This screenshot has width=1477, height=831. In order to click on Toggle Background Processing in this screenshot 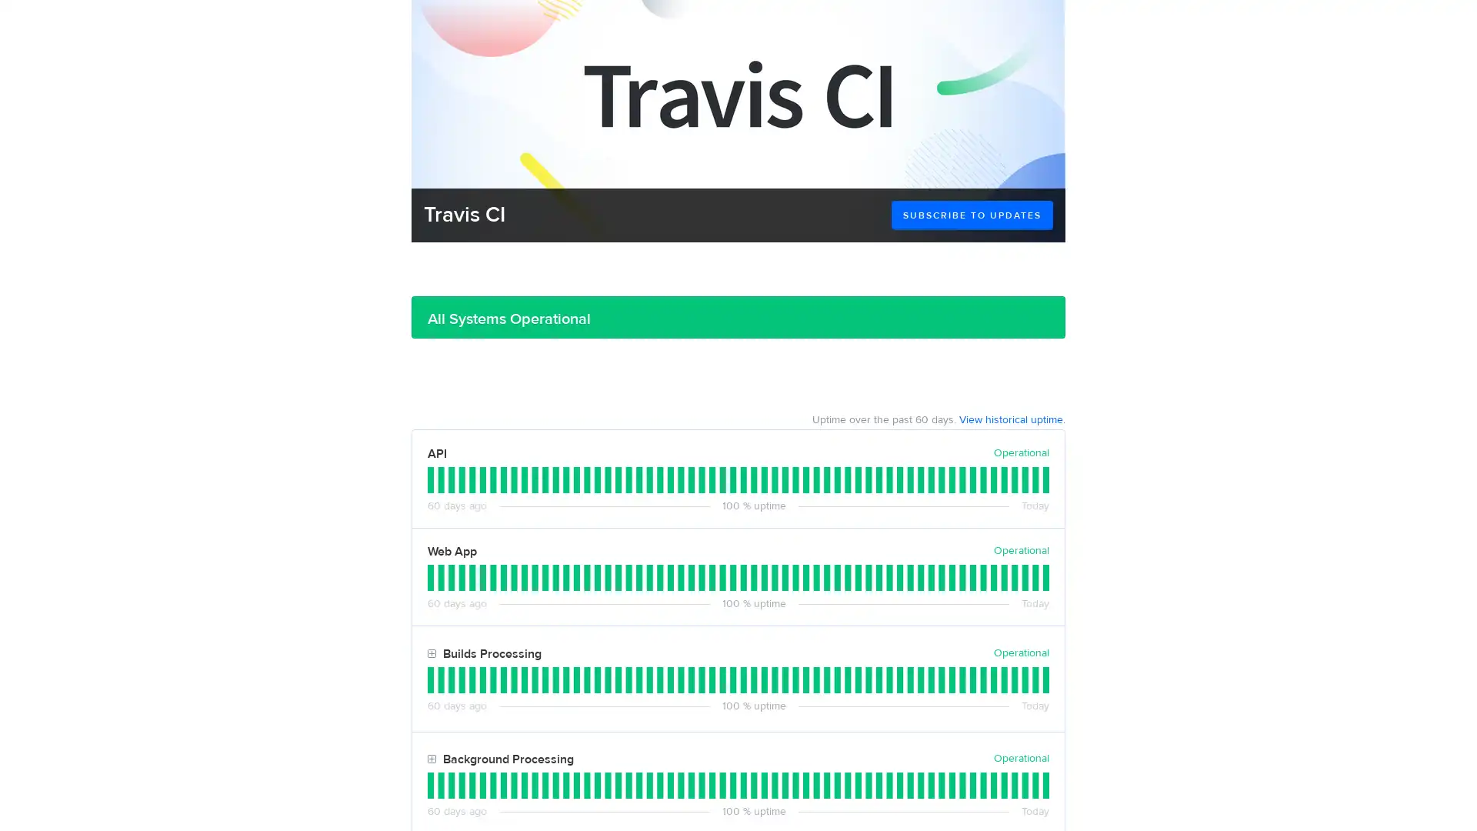, I will do `click(431, 759)`.